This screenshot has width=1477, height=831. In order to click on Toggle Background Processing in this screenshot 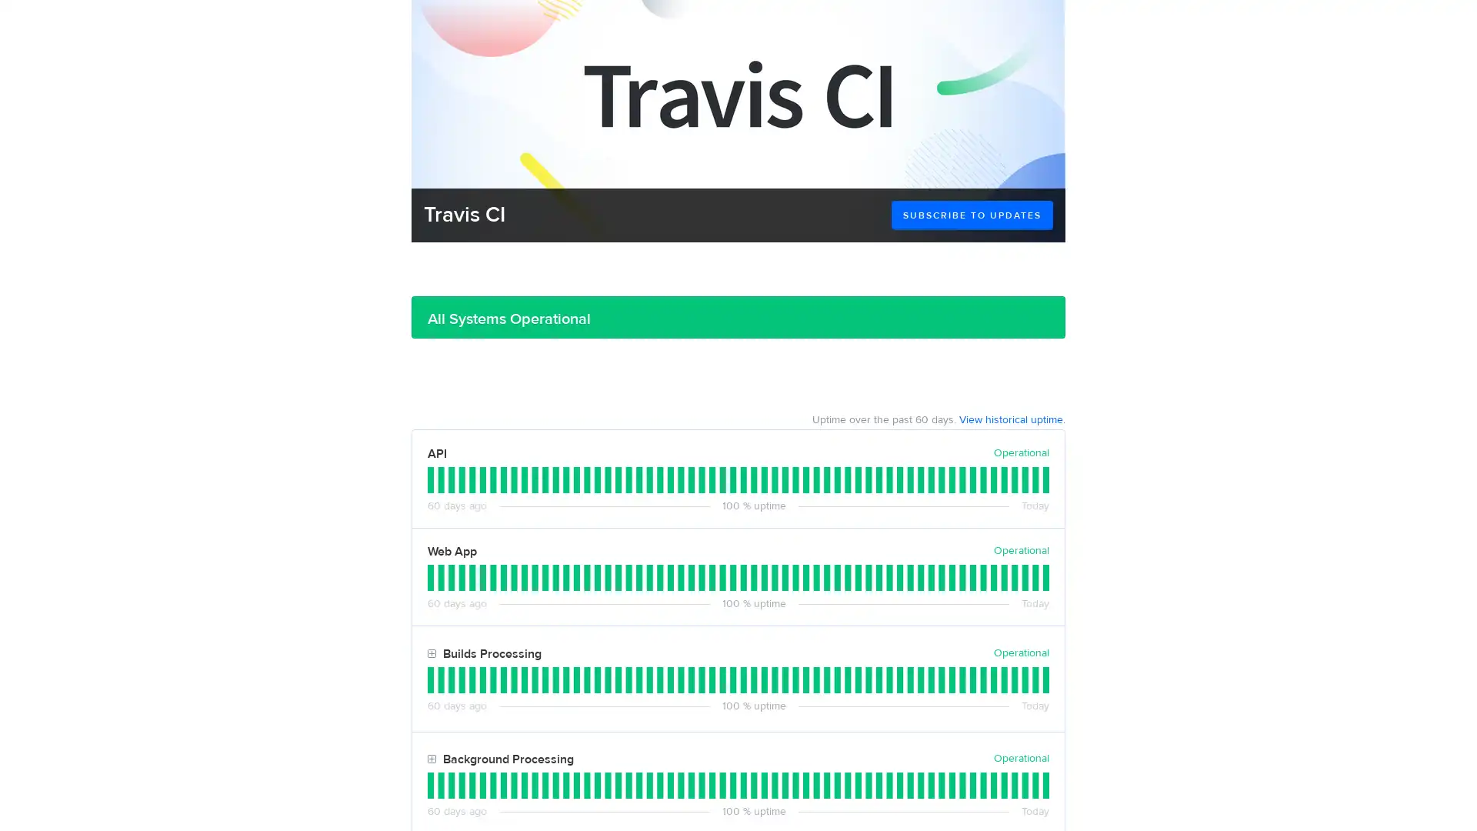, I will do `click(431, 759)`.